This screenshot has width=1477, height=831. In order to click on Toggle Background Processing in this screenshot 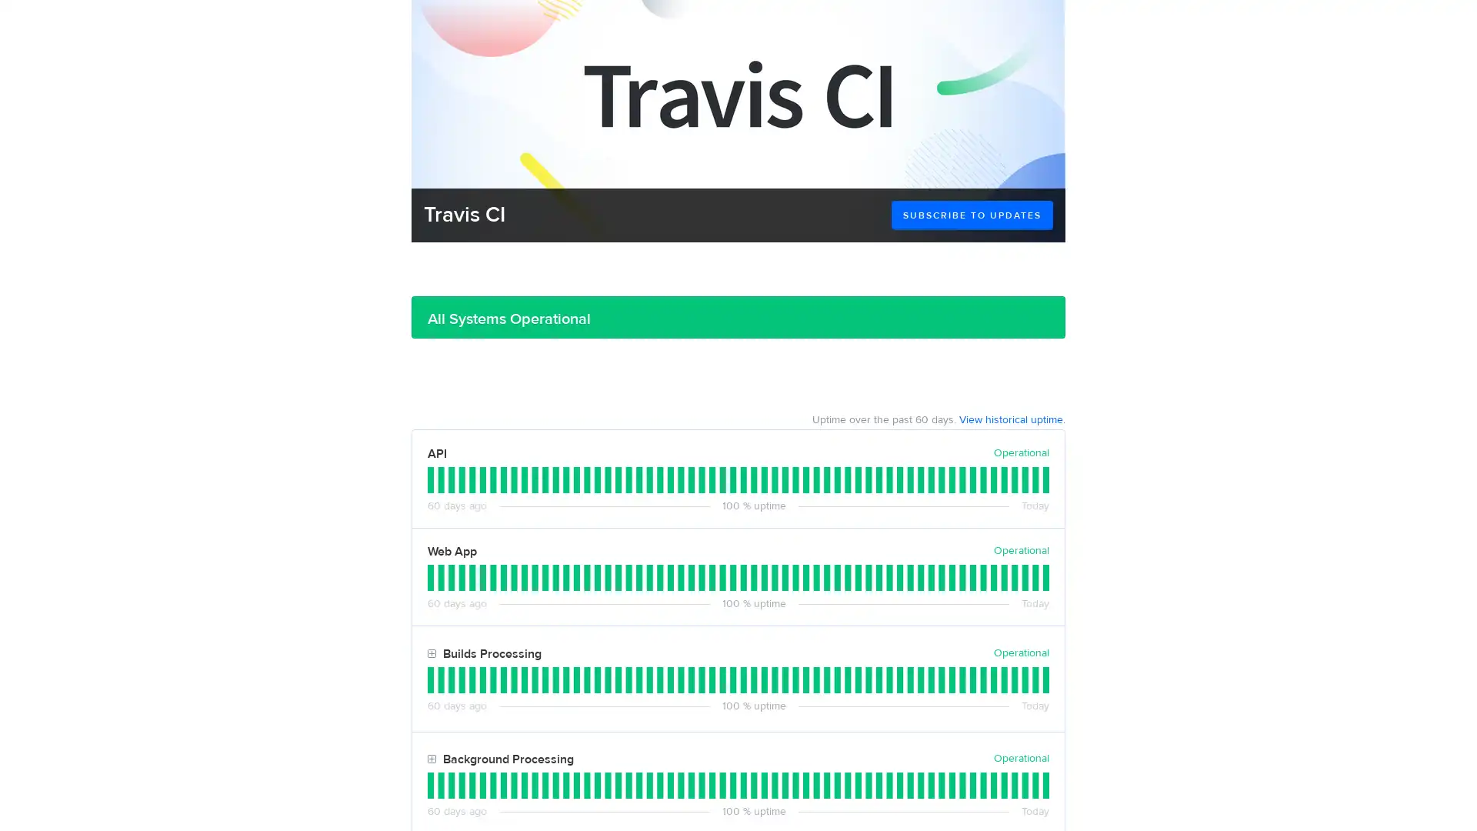, I will do `click(431, 759)`.